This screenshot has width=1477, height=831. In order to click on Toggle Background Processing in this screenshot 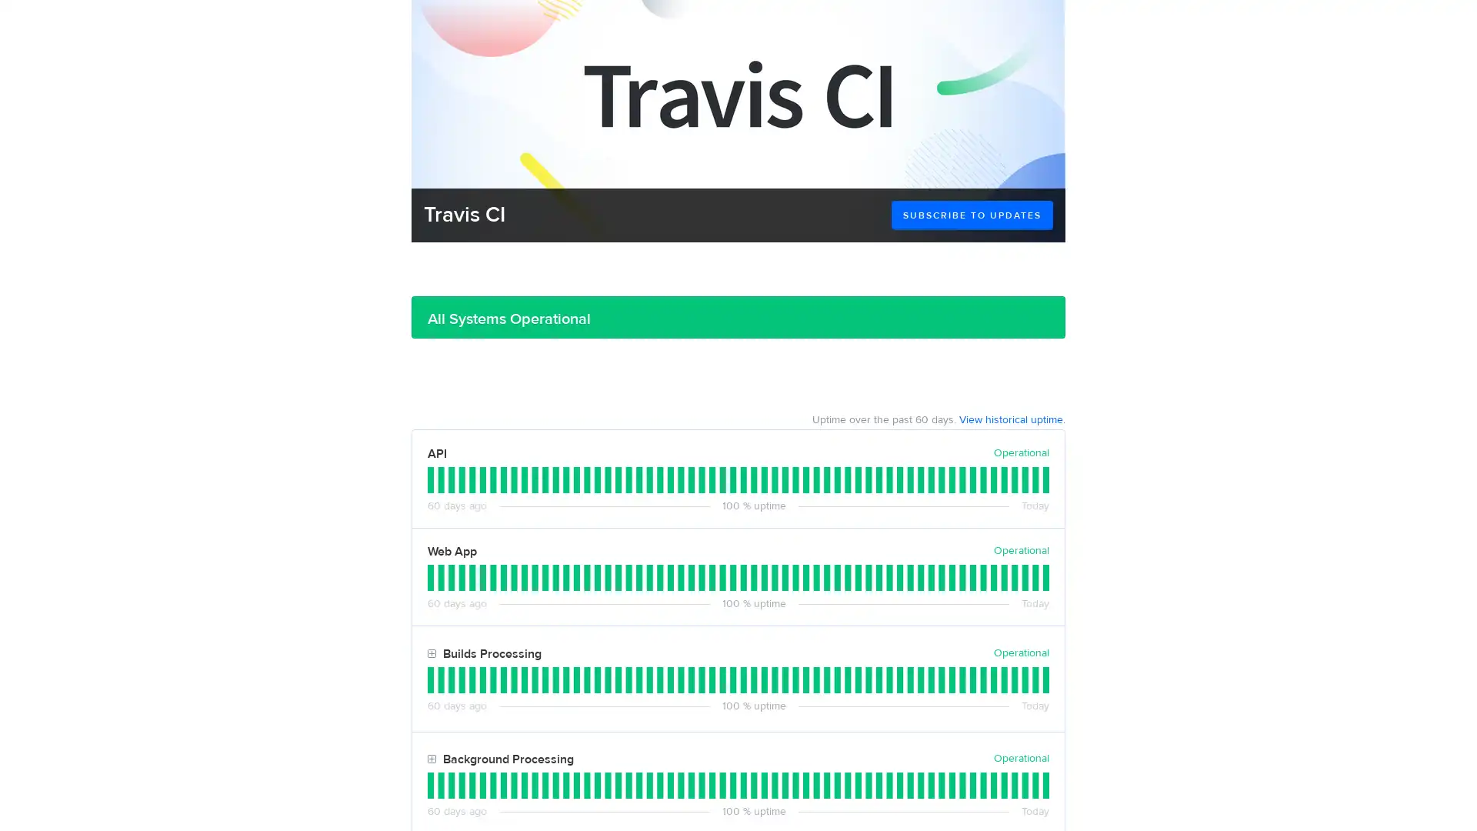, I will do `click(431, 759)`.